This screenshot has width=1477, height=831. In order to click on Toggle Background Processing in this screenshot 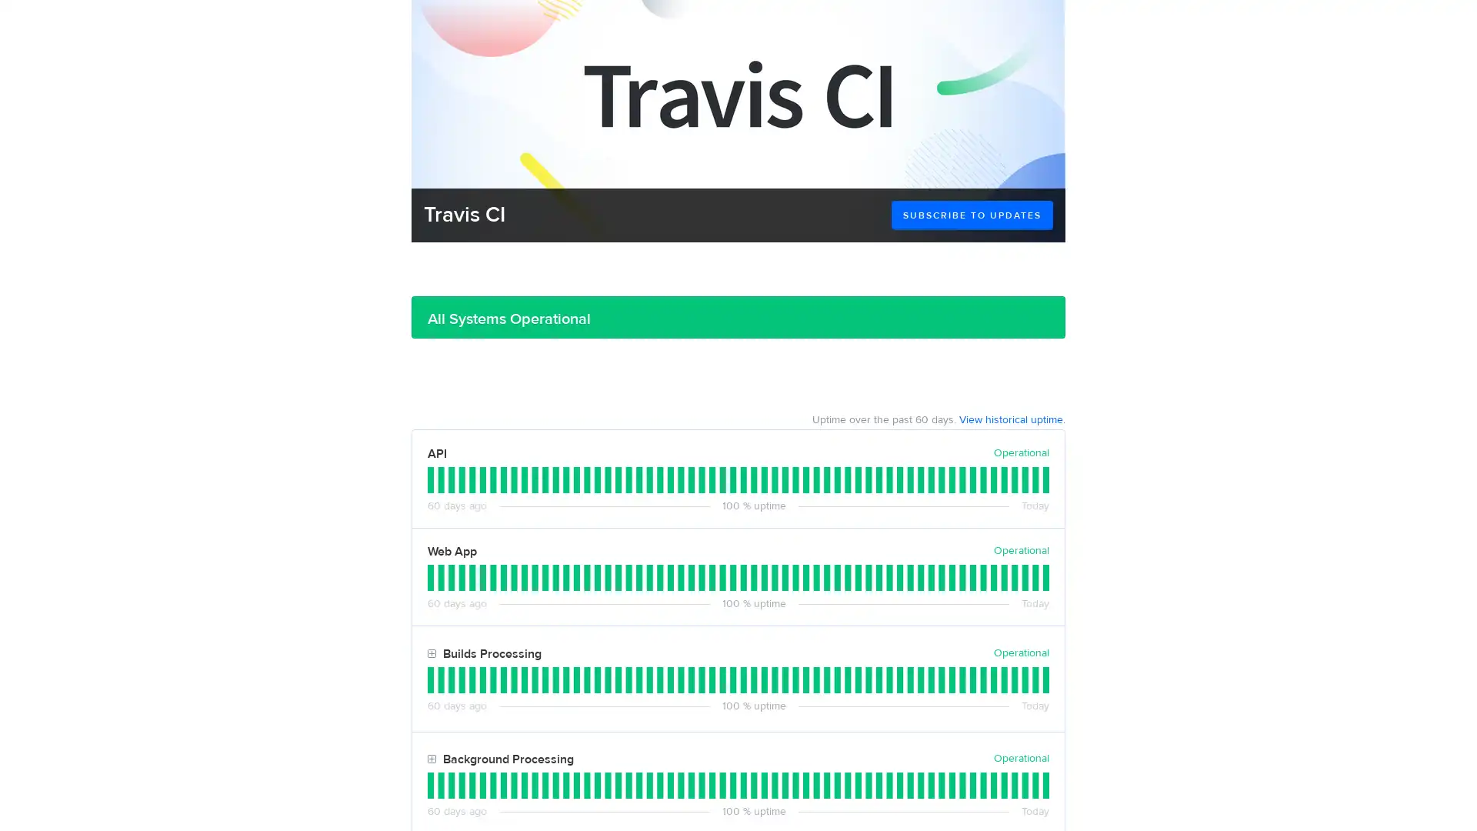, I will do `click(431, 759)`.